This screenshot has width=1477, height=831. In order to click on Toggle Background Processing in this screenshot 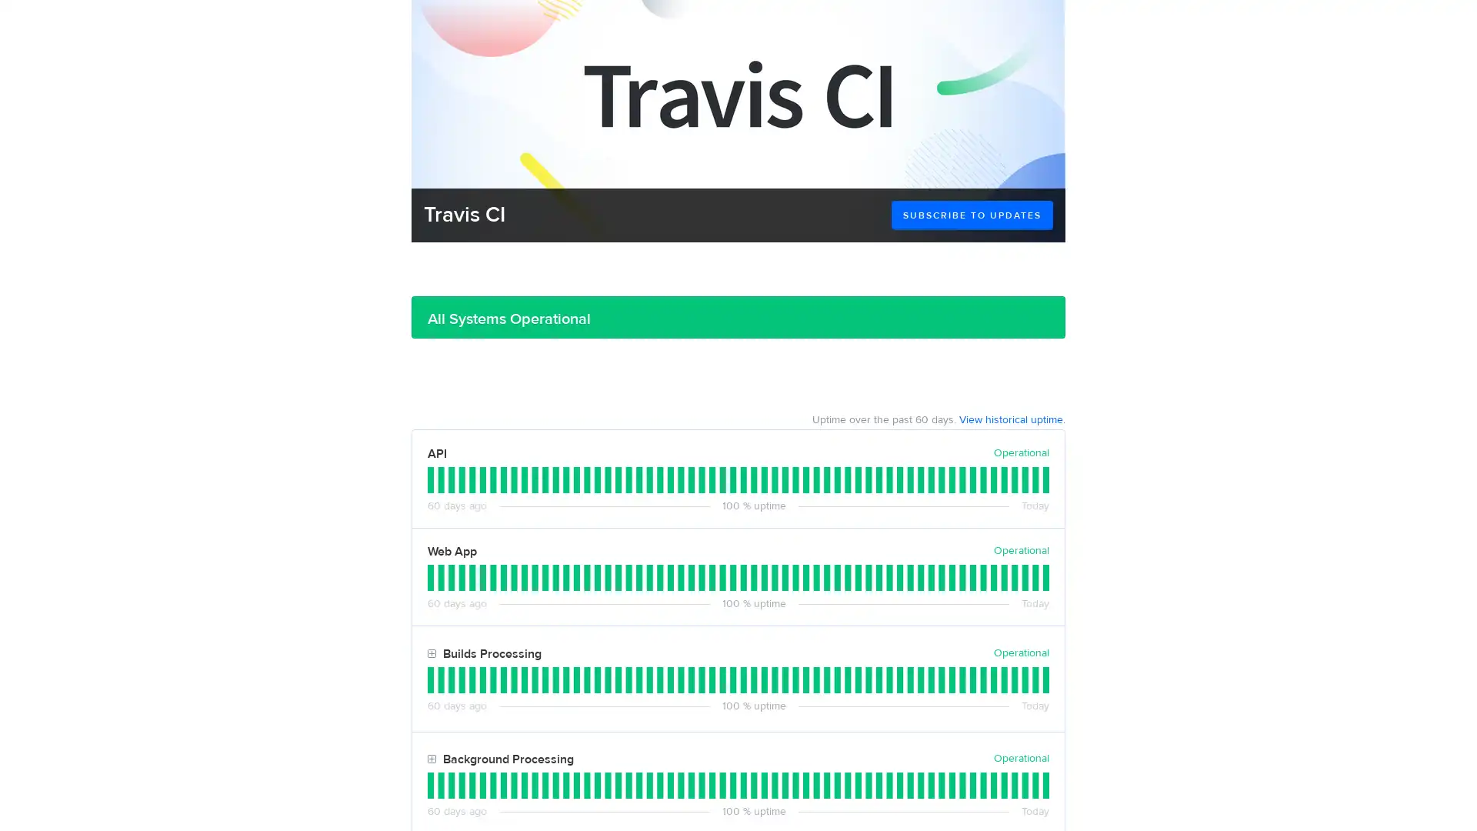, I will do `click(431, 759)`.